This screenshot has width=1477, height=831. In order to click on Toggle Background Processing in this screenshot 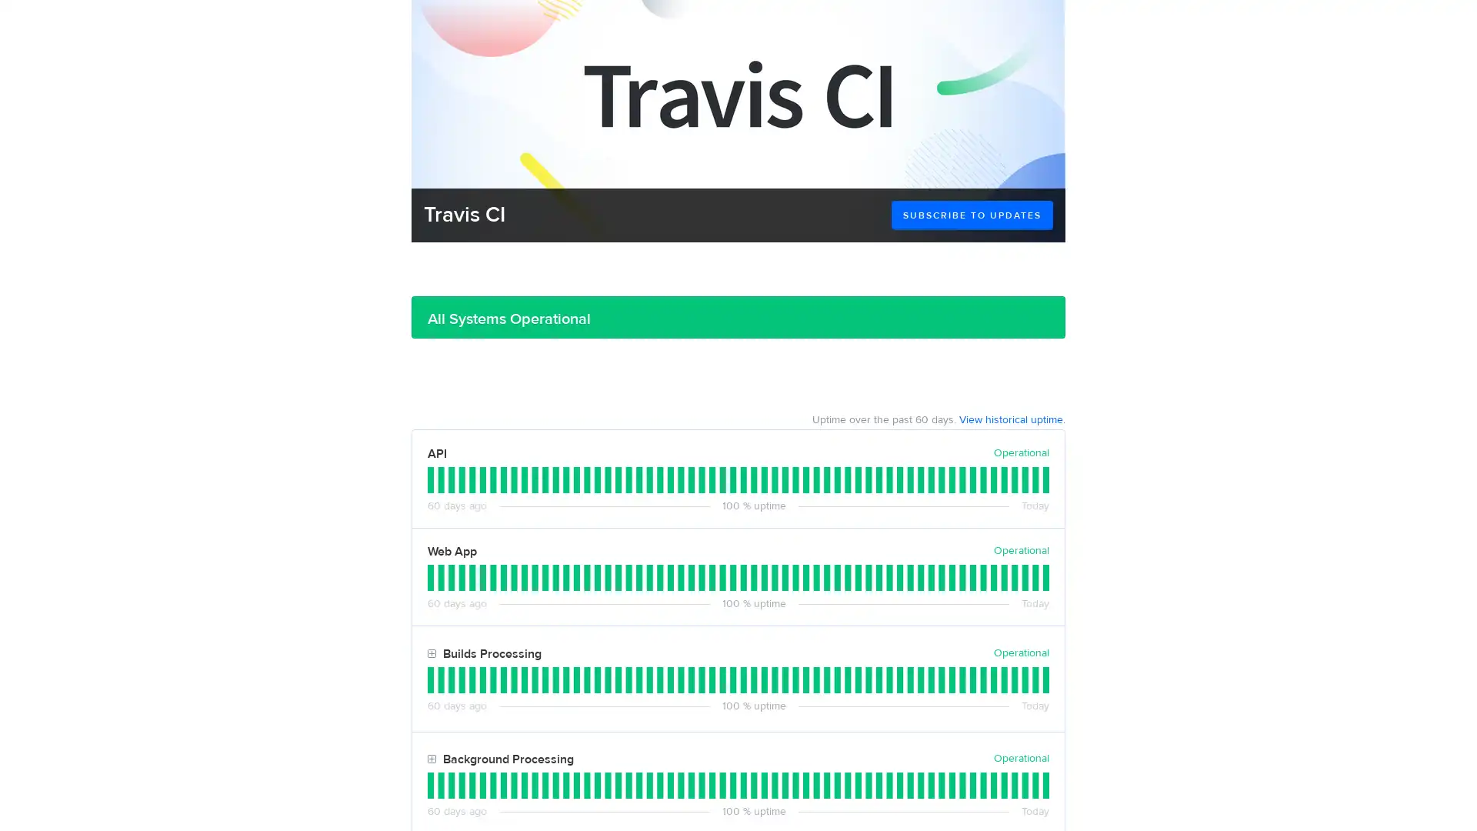, I will do `click(431, 759)`.